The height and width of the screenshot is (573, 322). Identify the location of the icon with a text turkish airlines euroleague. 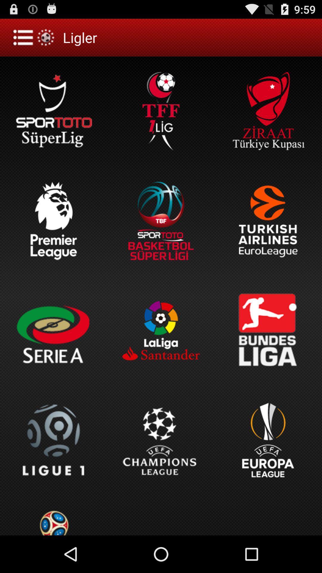
(268, 221).